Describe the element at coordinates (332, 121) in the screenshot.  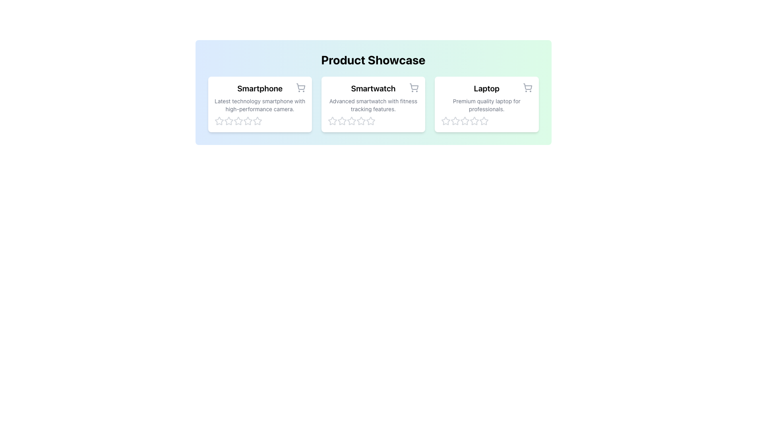
I see `the second star icon in the horizontal rating scale` at that location.